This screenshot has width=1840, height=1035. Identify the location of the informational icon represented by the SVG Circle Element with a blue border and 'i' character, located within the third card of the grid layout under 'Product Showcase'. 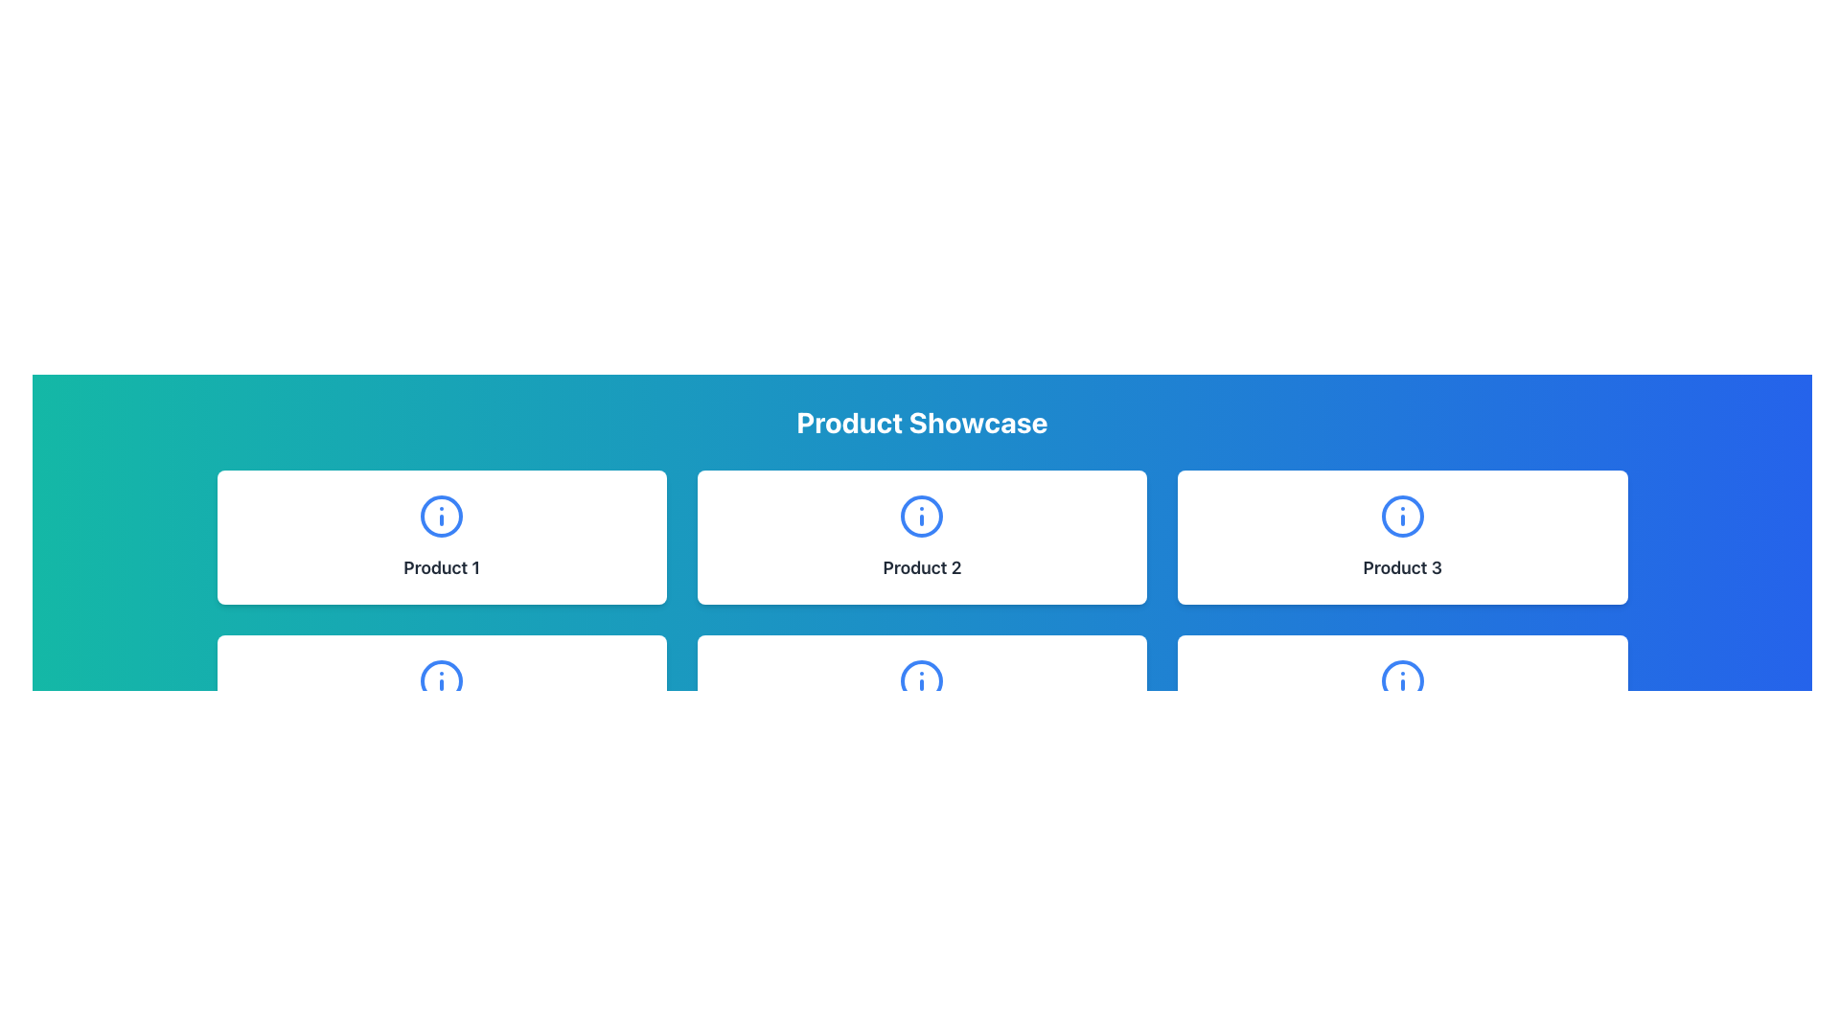
(1402, 516).